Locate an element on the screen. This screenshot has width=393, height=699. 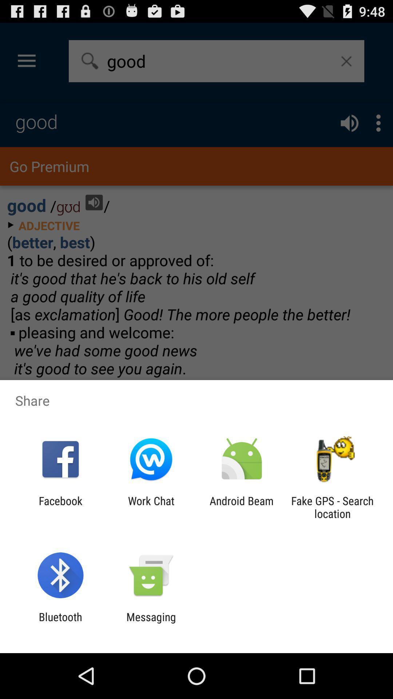
item next to the bluetooth item is located at coordinates (151, 623).